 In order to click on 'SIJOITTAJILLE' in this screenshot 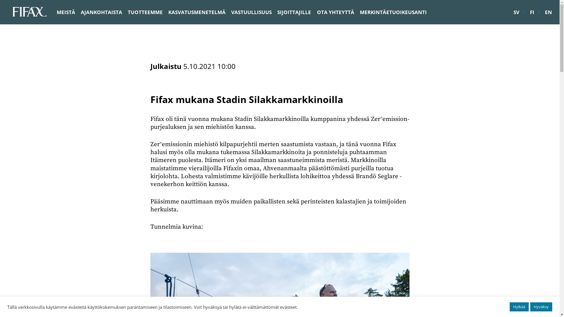, I will do `click(277, 12)`.